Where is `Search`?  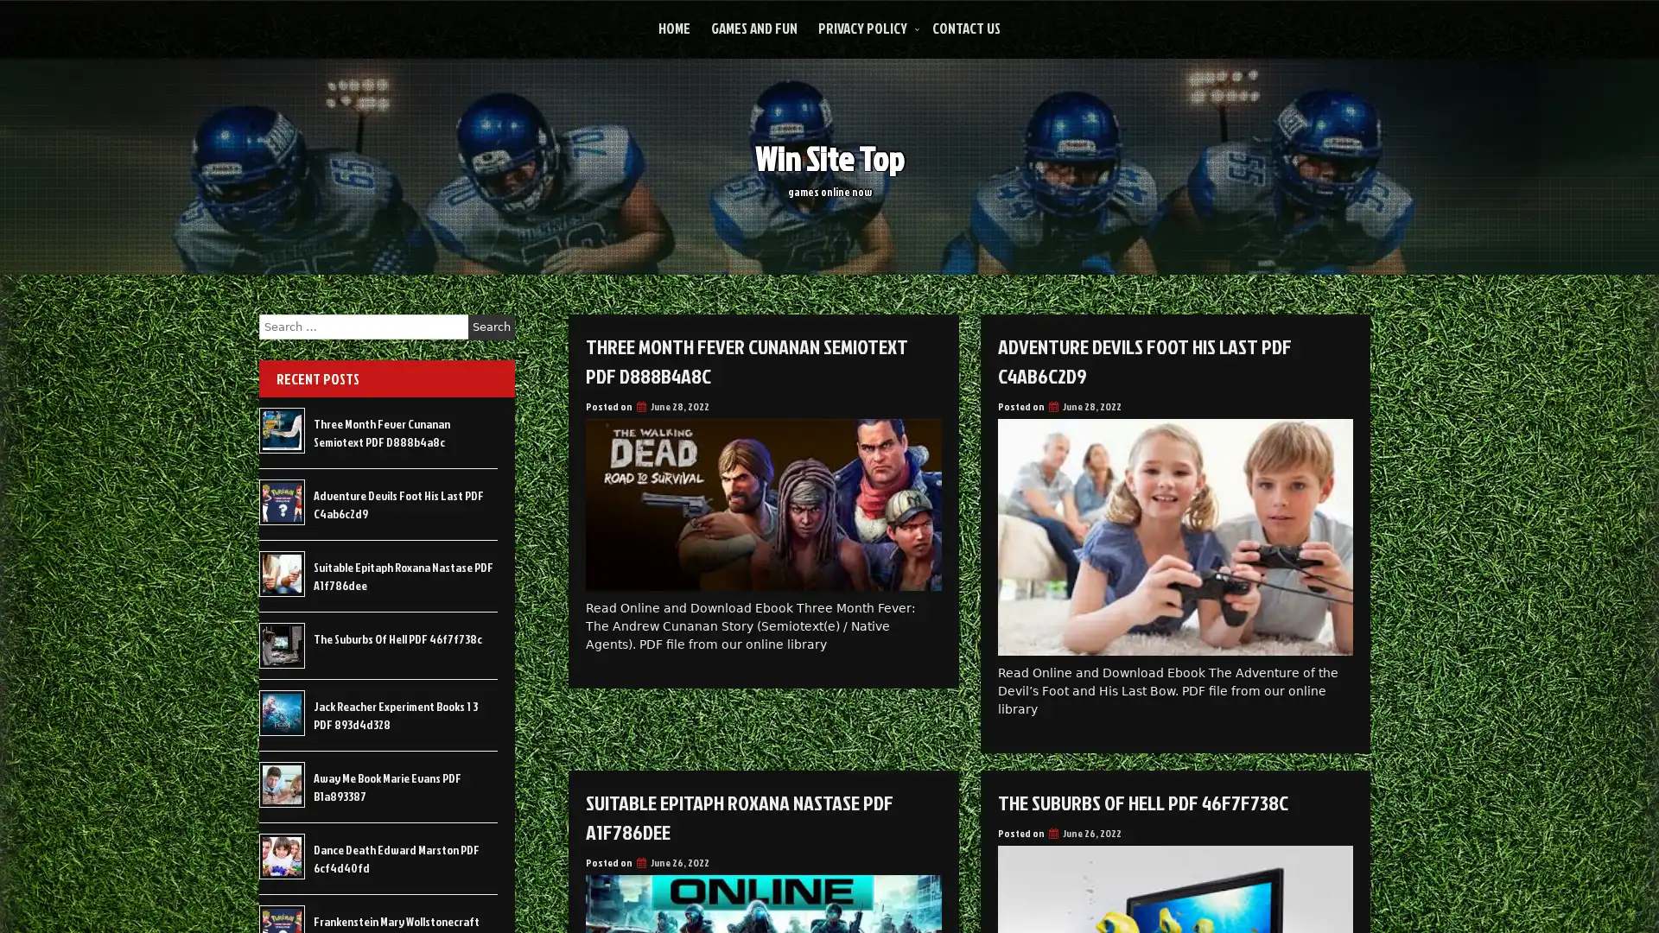 Search is located at coordinates (491, 327).